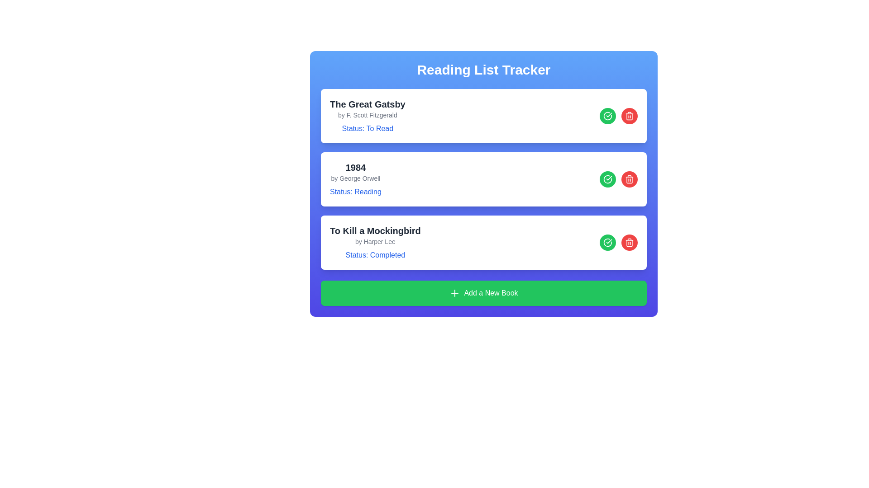 Image resolution: width=869 pixels, height=488 pixels. What do you see at coordinates (629, 179) in the screenshot?
I see `the circular red button with a white trash icon located in the second book's card for '1984' to observe its hover effects` at bounding box center [629, 179].